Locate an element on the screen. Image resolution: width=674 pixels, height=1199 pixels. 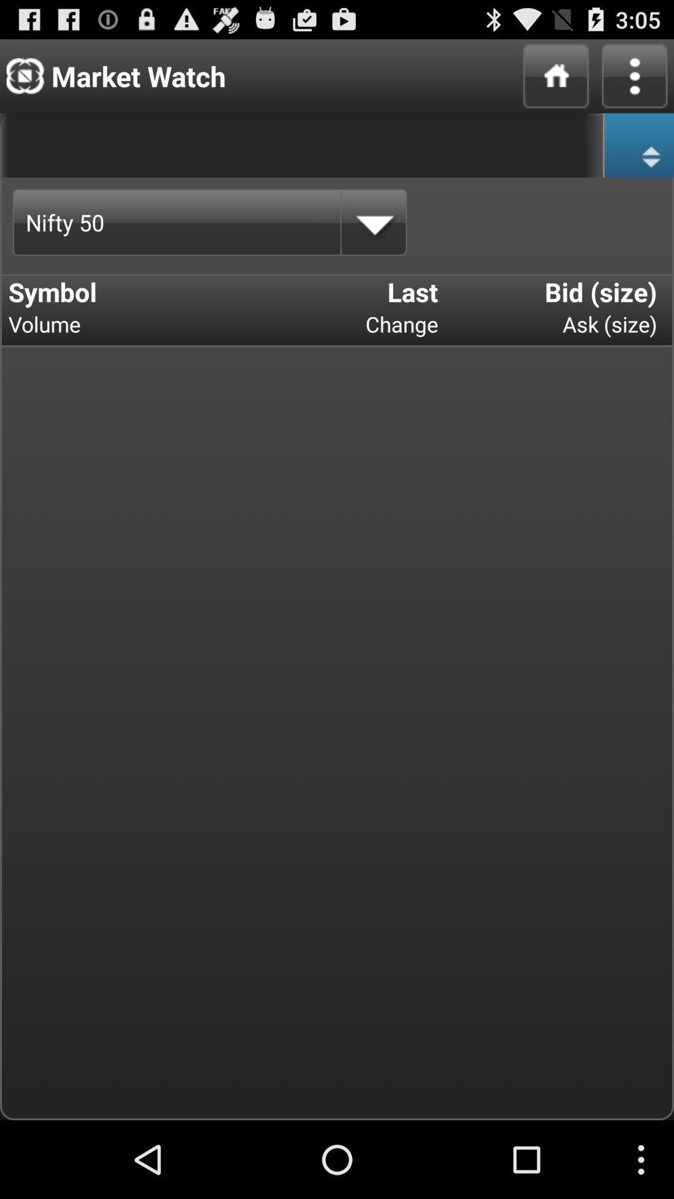
the home icon is located at coordinates (555, 81).